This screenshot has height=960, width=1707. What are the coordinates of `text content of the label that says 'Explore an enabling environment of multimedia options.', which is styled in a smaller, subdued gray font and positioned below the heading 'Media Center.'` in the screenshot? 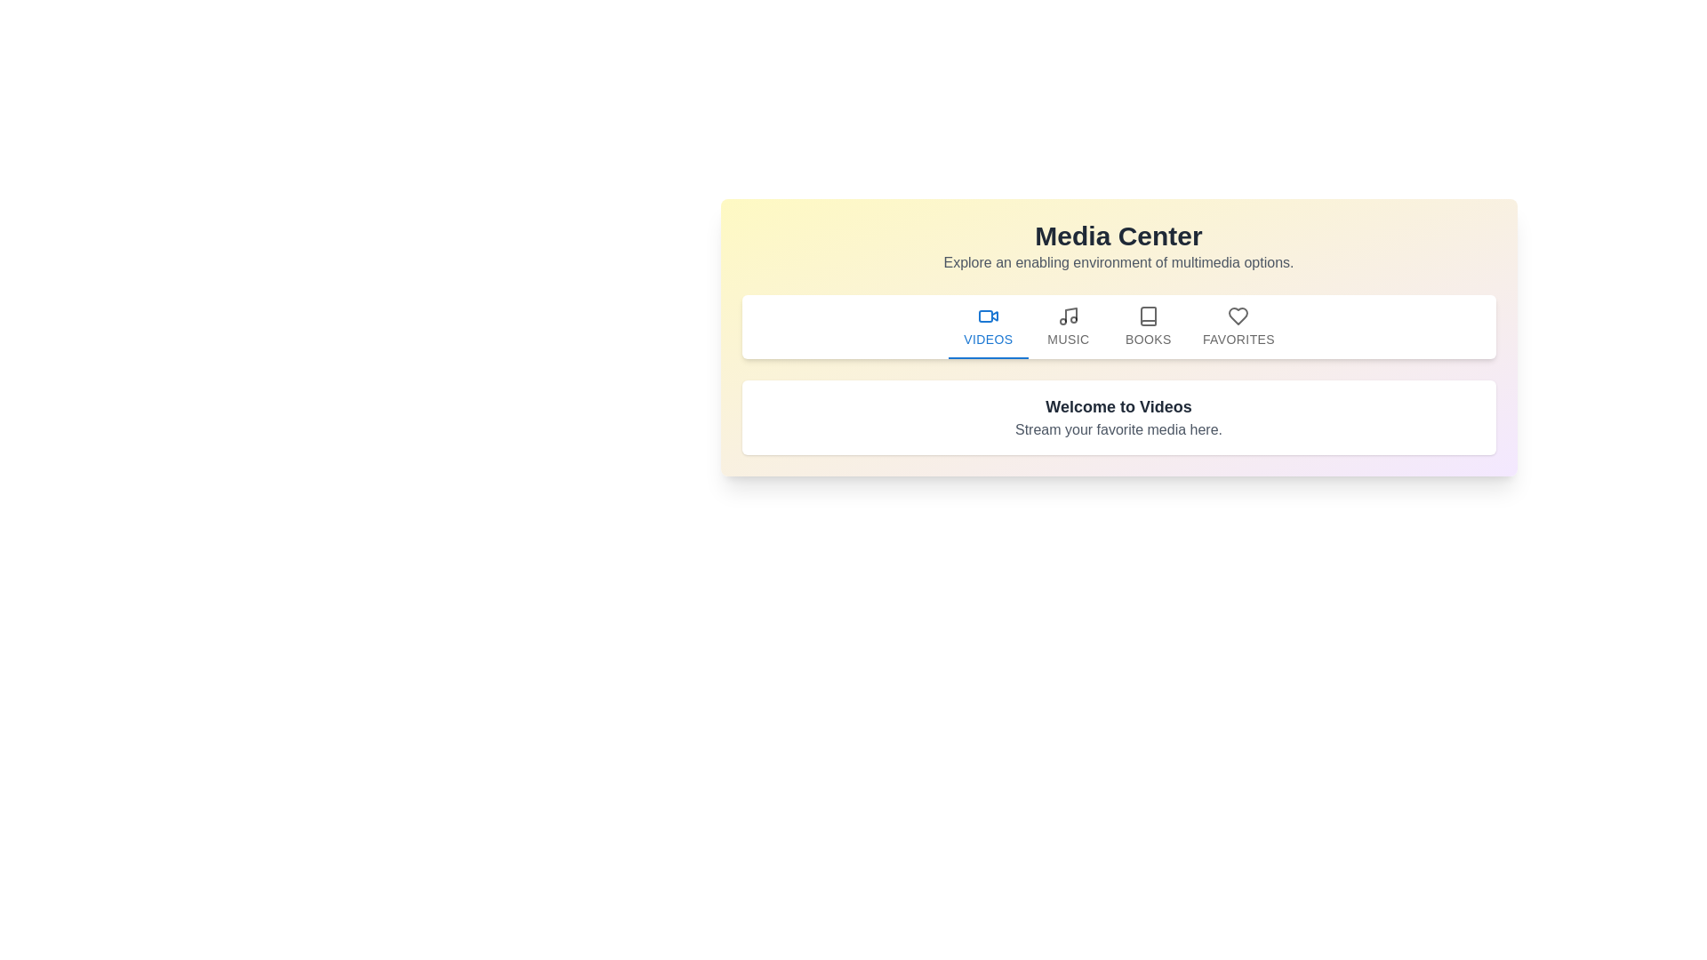 It's located at (1118, 263).